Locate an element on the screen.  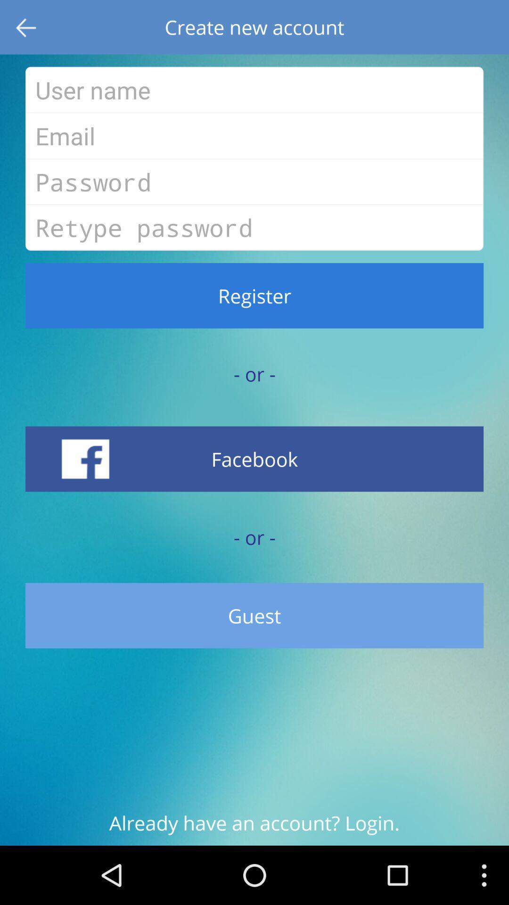
facebook is located at coordinates (254, 459).